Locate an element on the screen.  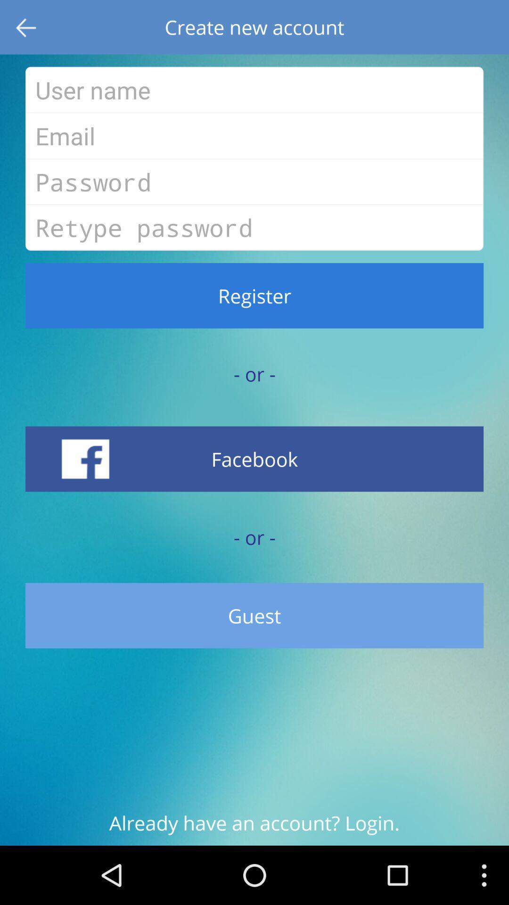
facebook is located at coordinates (254, 459).